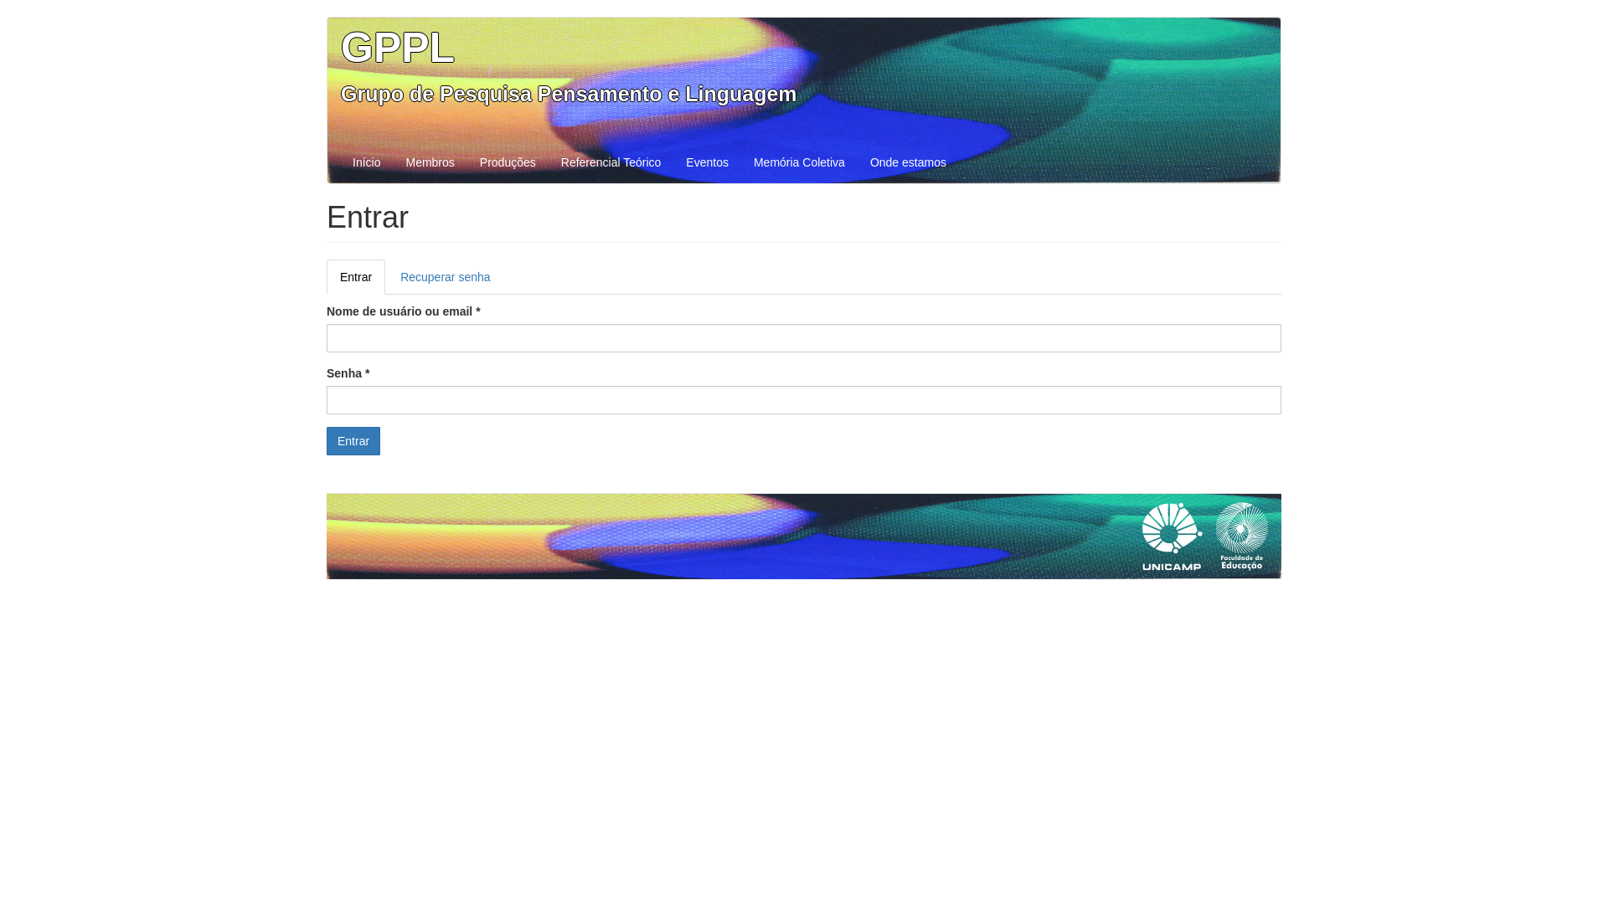 This screenshot has width=1608, height=904. I want to click on 'Entrar', so click(353, 440).